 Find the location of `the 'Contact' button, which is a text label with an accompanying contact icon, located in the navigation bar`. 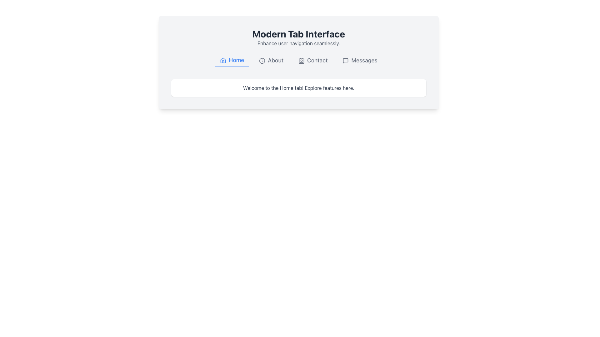

the 'Contact' button, which is a text label with an accompanying contact icon, located in the navigation bar is located at coordinates (313, 60).